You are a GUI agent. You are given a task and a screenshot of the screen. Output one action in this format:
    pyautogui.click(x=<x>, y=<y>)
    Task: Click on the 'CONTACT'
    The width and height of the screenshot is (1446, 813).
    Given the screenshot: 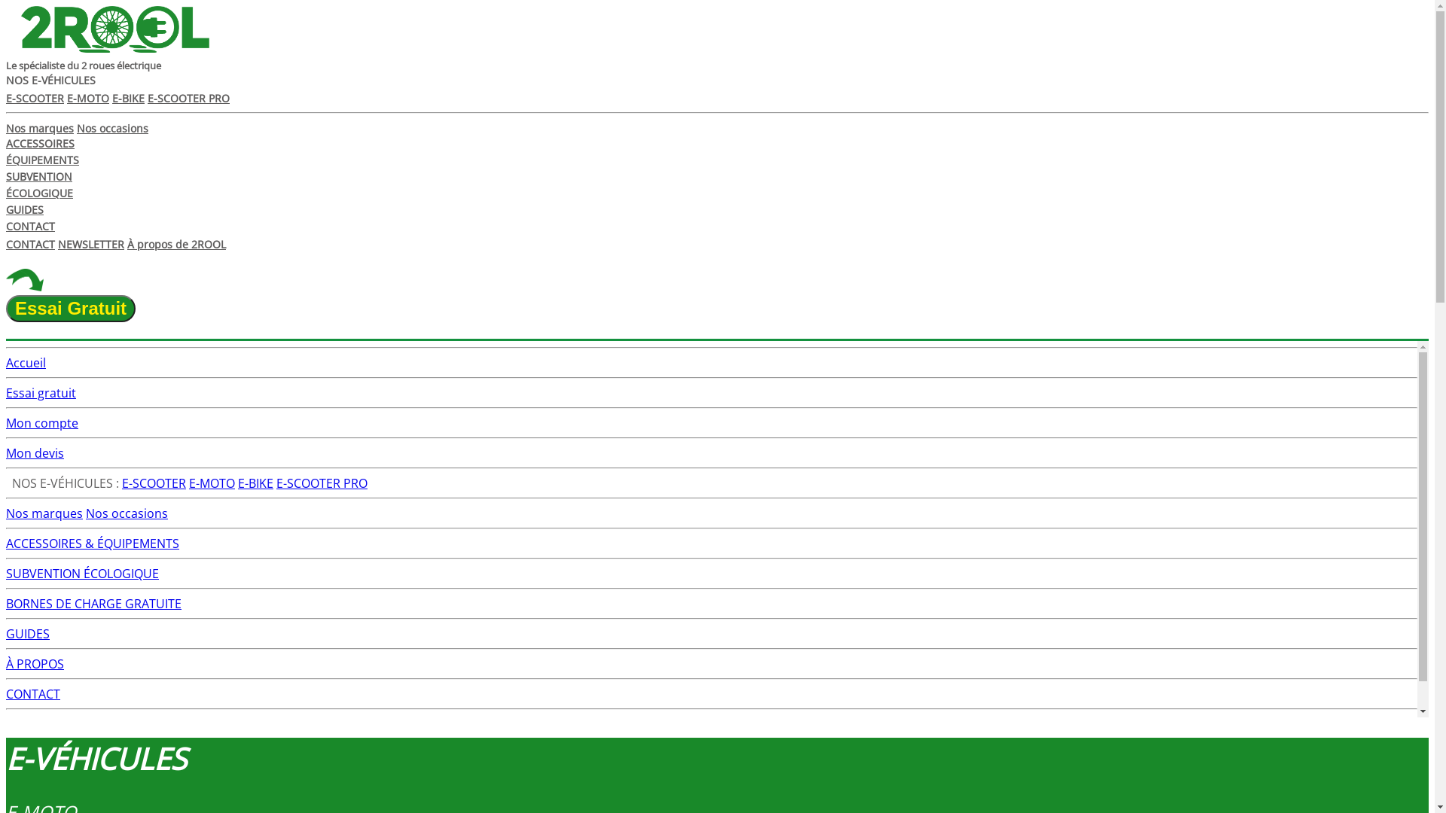 What is the action you would take?
    pyautogui.click(x=32, y=693)
    